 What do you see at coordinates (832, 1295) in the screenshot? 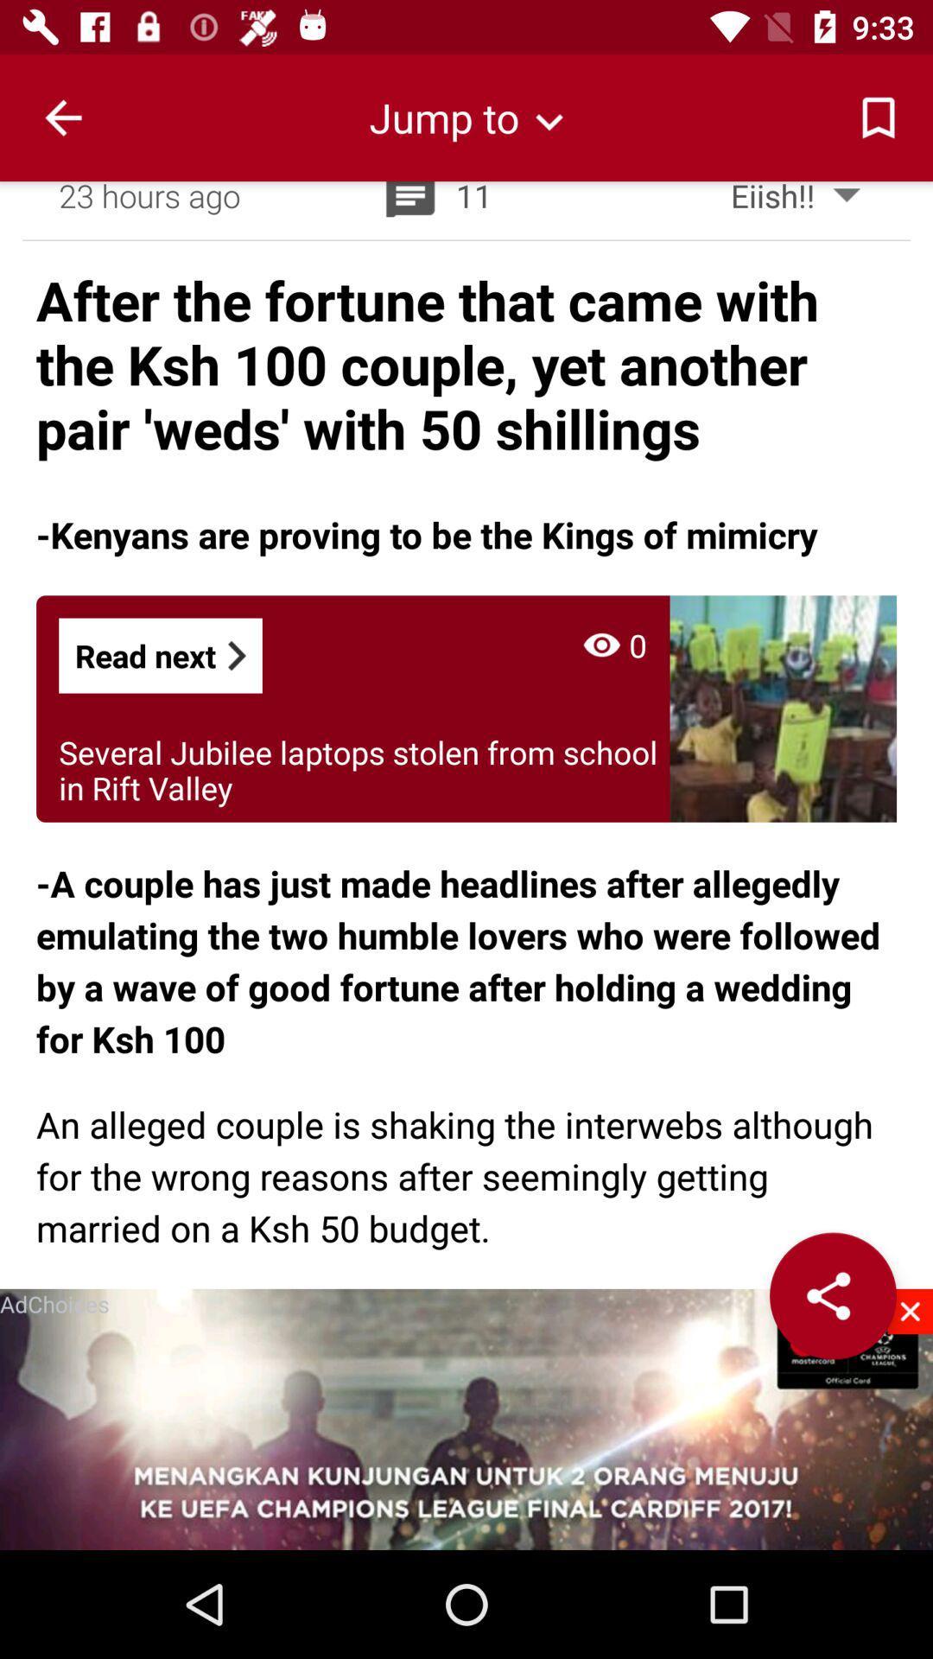
I see `share` at bounding box center [832, 1295].